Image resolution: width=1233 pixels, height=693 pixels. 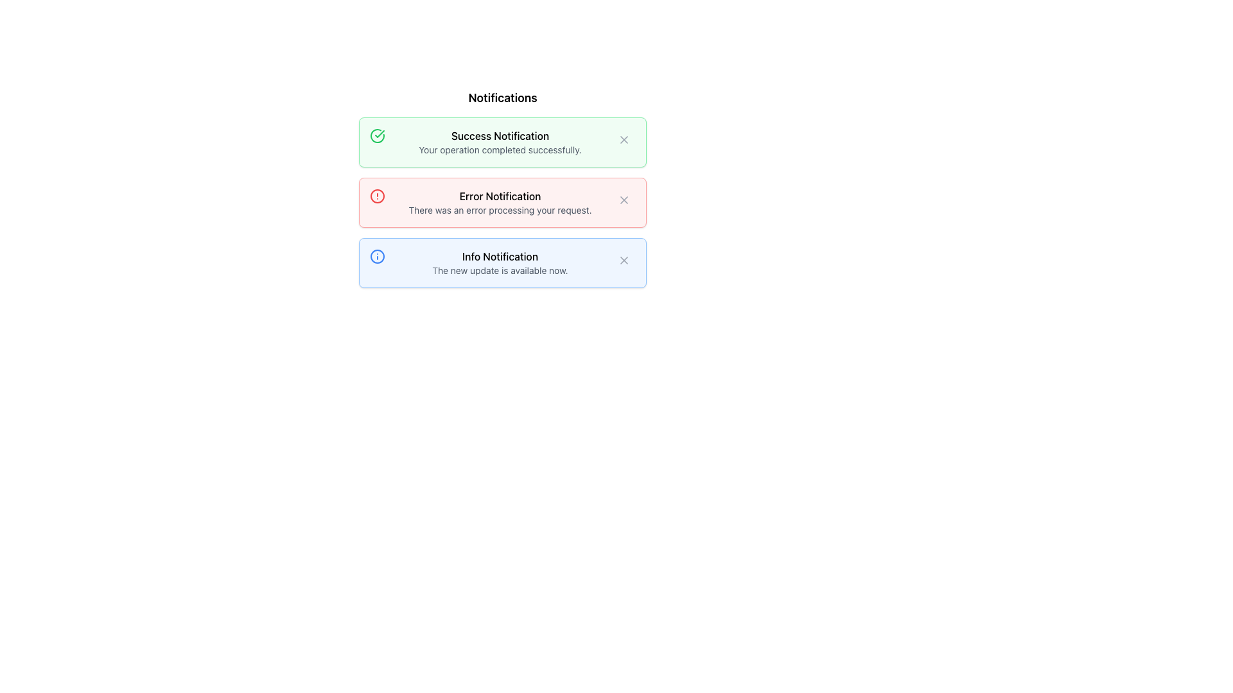 What do you see at coordinates (624, 200) in the screenshot?
I see `the gray 'Error Notification' close button, which resembles a diagonal cross (X) located in the top-right corner of the notification card` at bounding box center [624, 200].